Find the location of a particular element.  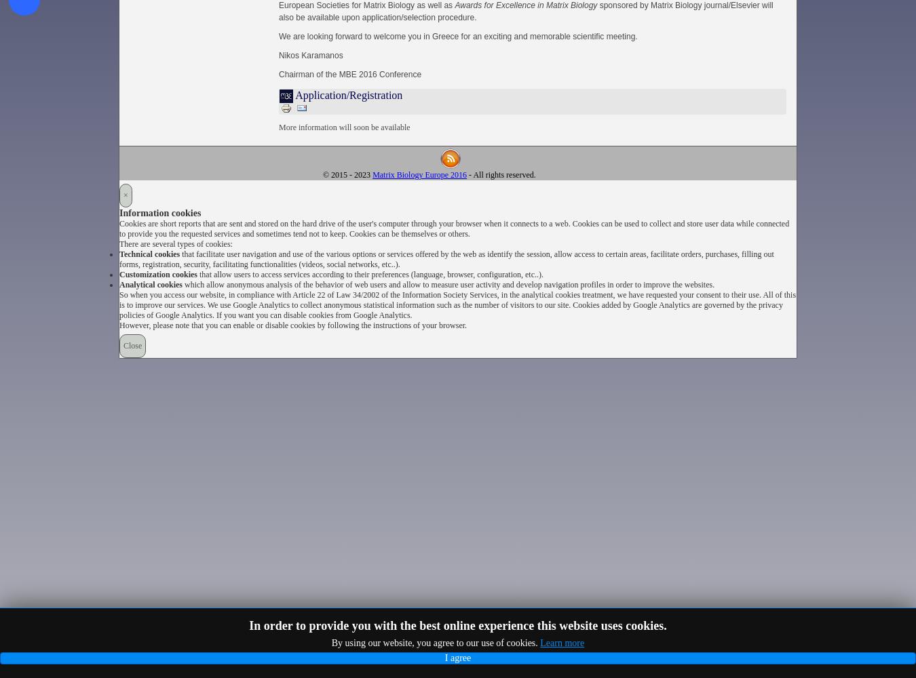

'Cookies are short reports that are sent and stored on the hard drive of the user's computer through your browser when it connects to a web. Cookies can be used to collect and store user data while connected to provide you the requested services and sometimes tend not to keep. Cookies can be themselves or others.' is located at coordinates (454, 228).